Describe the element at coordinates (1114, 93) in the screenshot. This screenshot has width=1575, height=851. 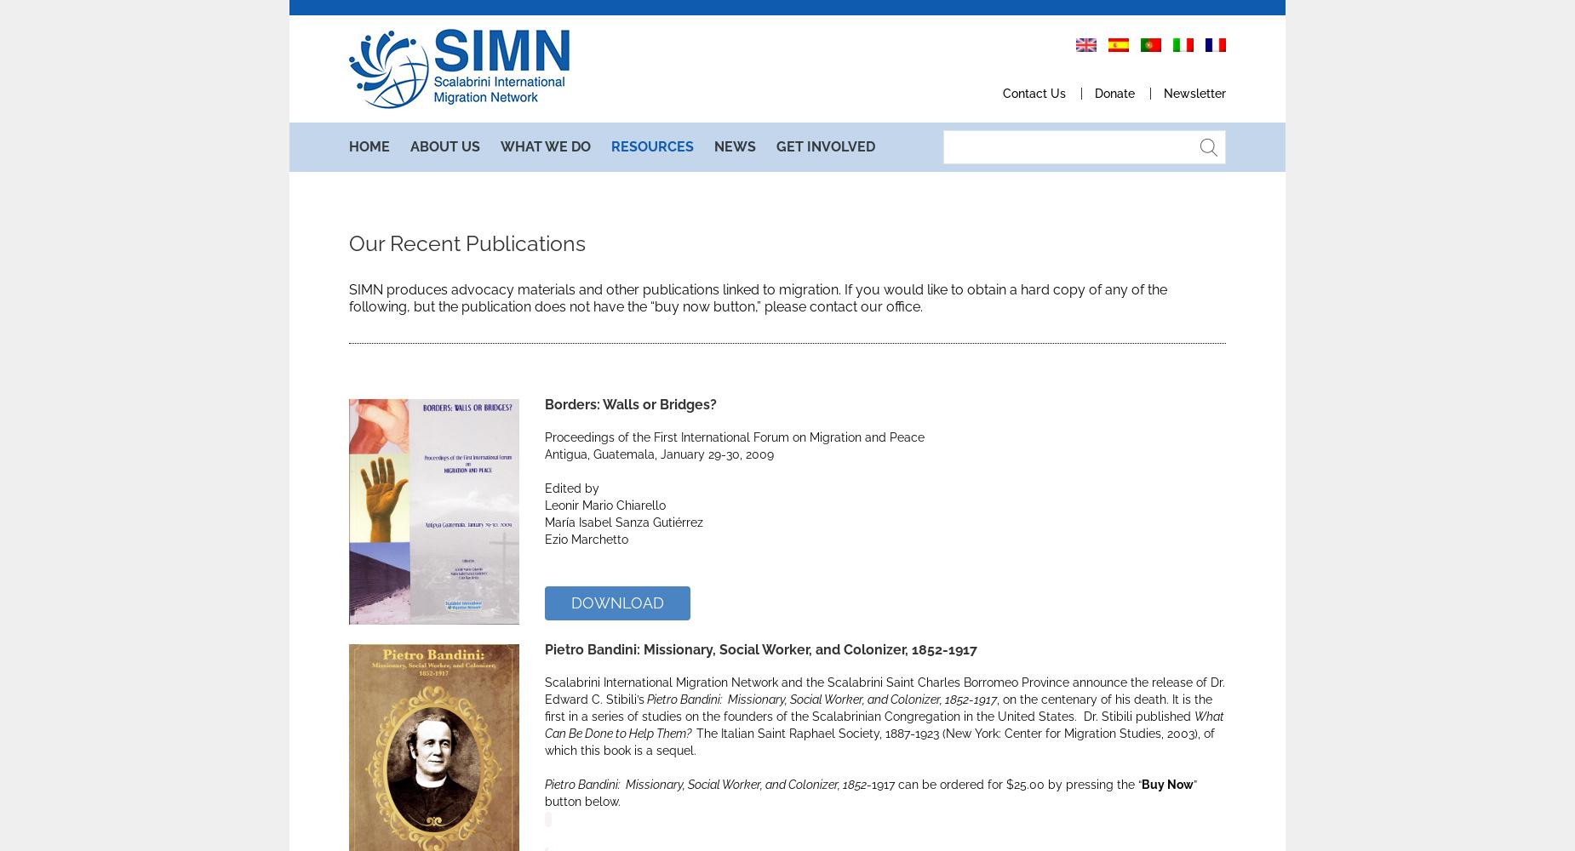
I see `'Donate'` at that location.